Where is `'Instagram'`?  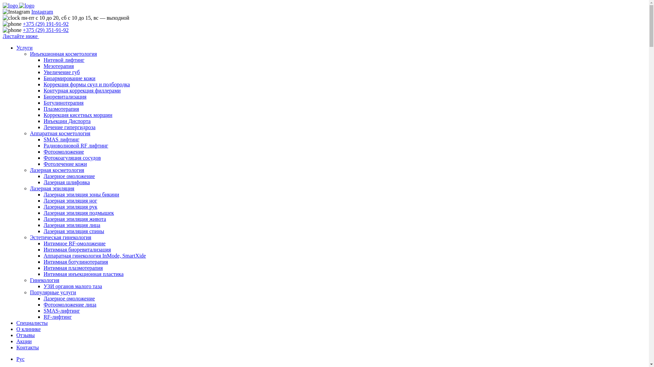 'Instagram' is located at coordinates (42, 12).